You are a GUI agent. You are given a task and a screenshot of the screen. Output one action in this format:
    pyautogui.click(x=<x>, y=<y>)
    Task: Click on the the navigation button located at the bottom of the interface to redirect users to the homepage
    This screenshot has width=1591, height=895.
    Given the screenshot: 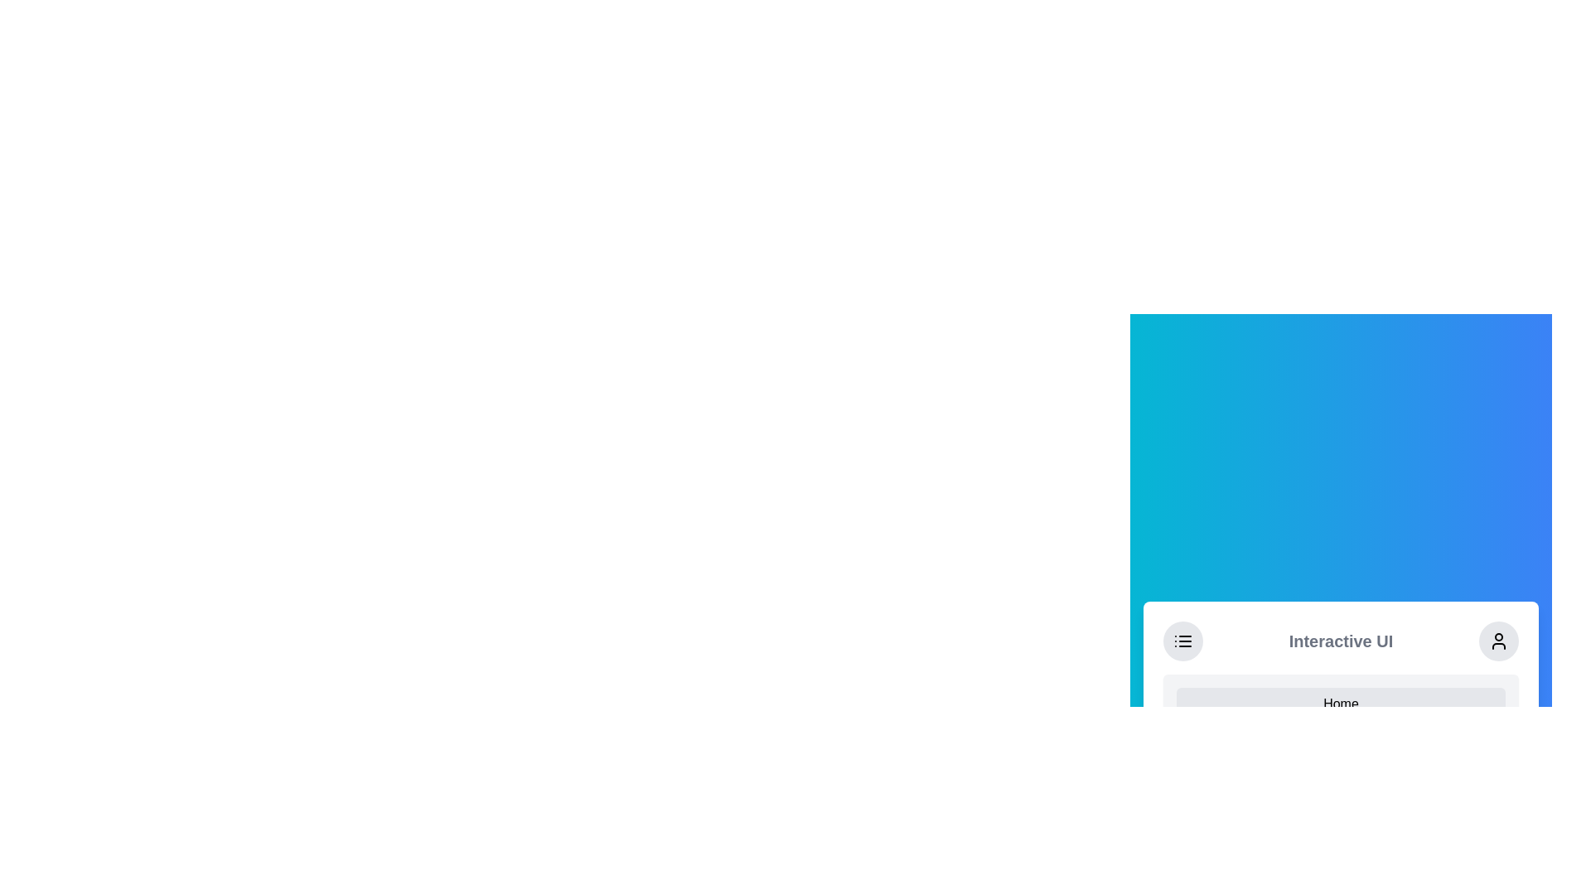 What is the action you would take?
    pyautogui.click(x=1341, y=704)
    